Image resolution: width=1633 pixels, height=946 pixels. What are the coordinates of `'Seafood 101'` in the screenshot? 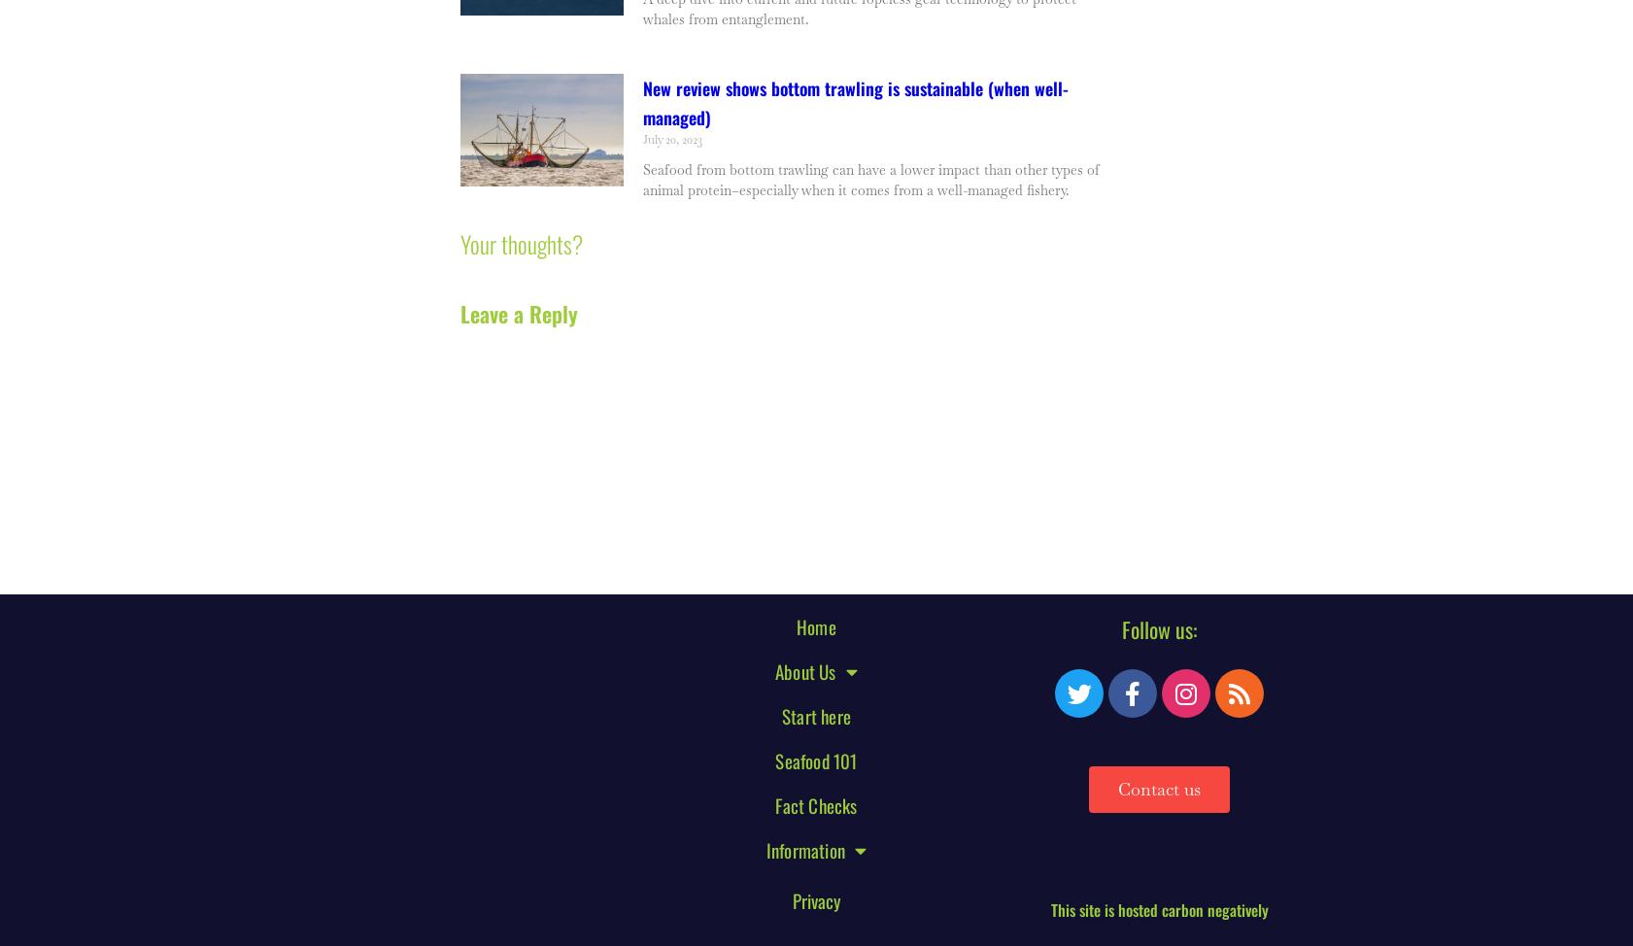 It's located at (814, 759).